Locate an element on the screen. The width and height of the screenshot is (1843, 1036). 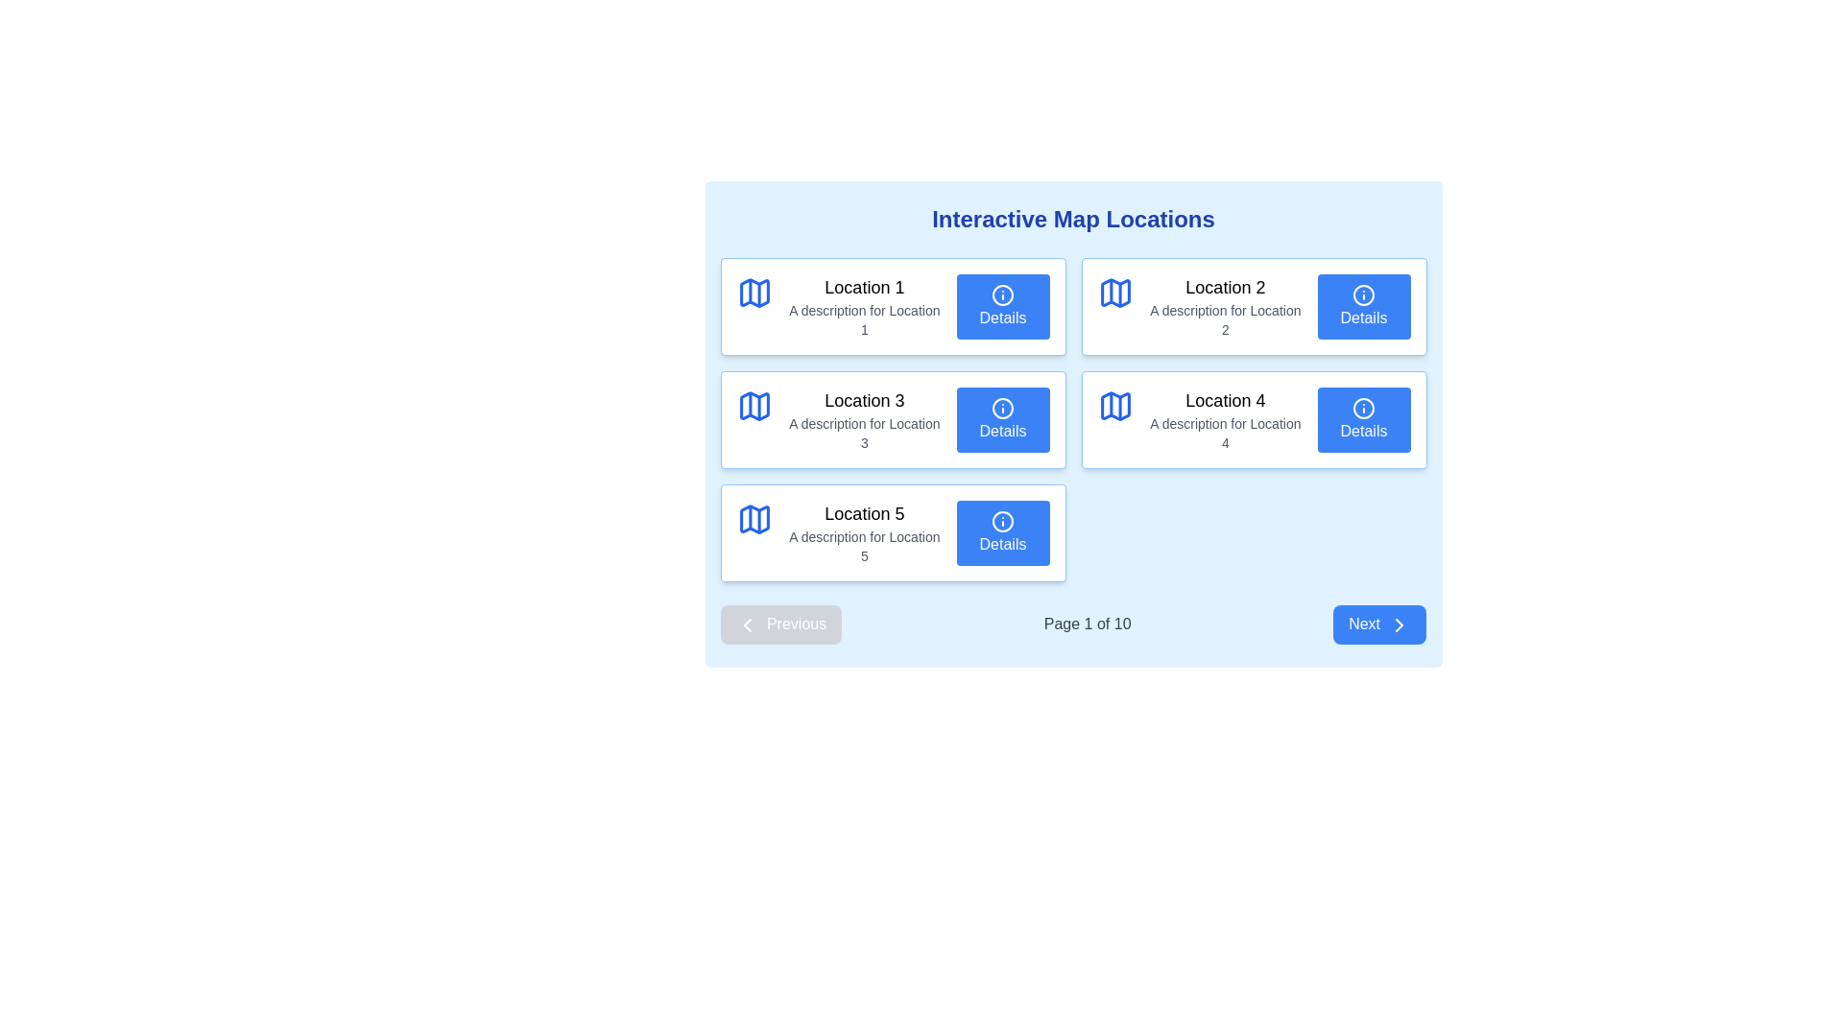
the button located in the card titled 'Location 4' to change its color is located at coordinates (1362, 419).